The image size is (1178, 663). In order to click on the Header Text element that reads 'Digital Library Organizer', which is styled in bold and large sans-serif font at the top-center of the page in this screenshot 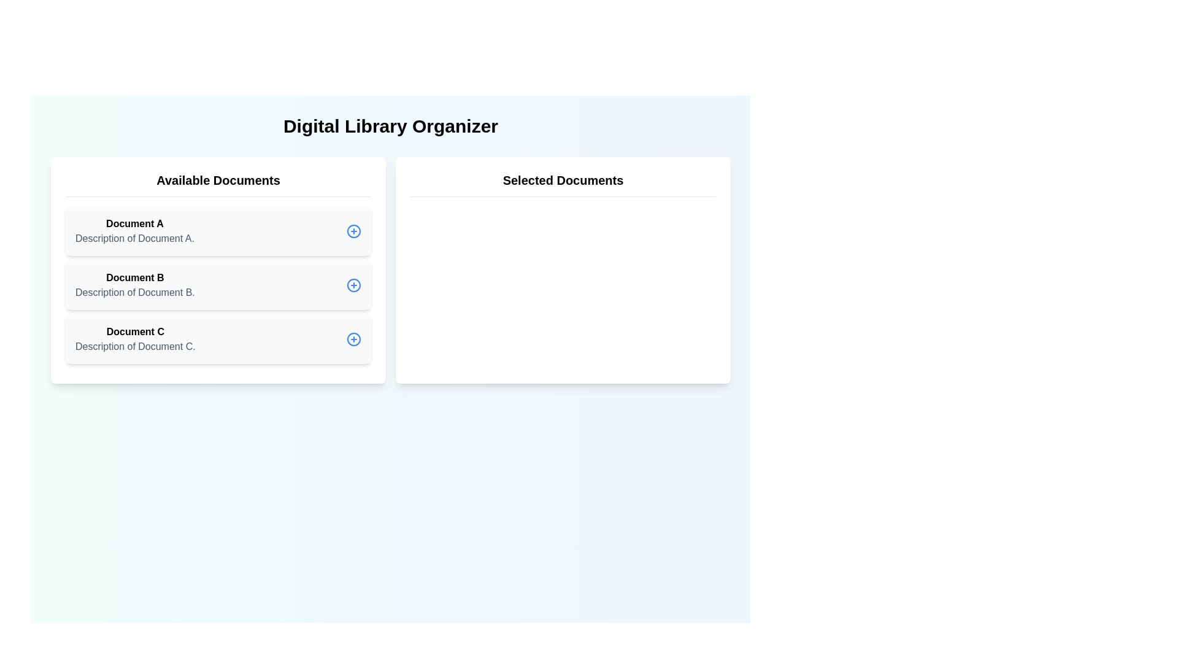, I will do `click(390, 126)`.